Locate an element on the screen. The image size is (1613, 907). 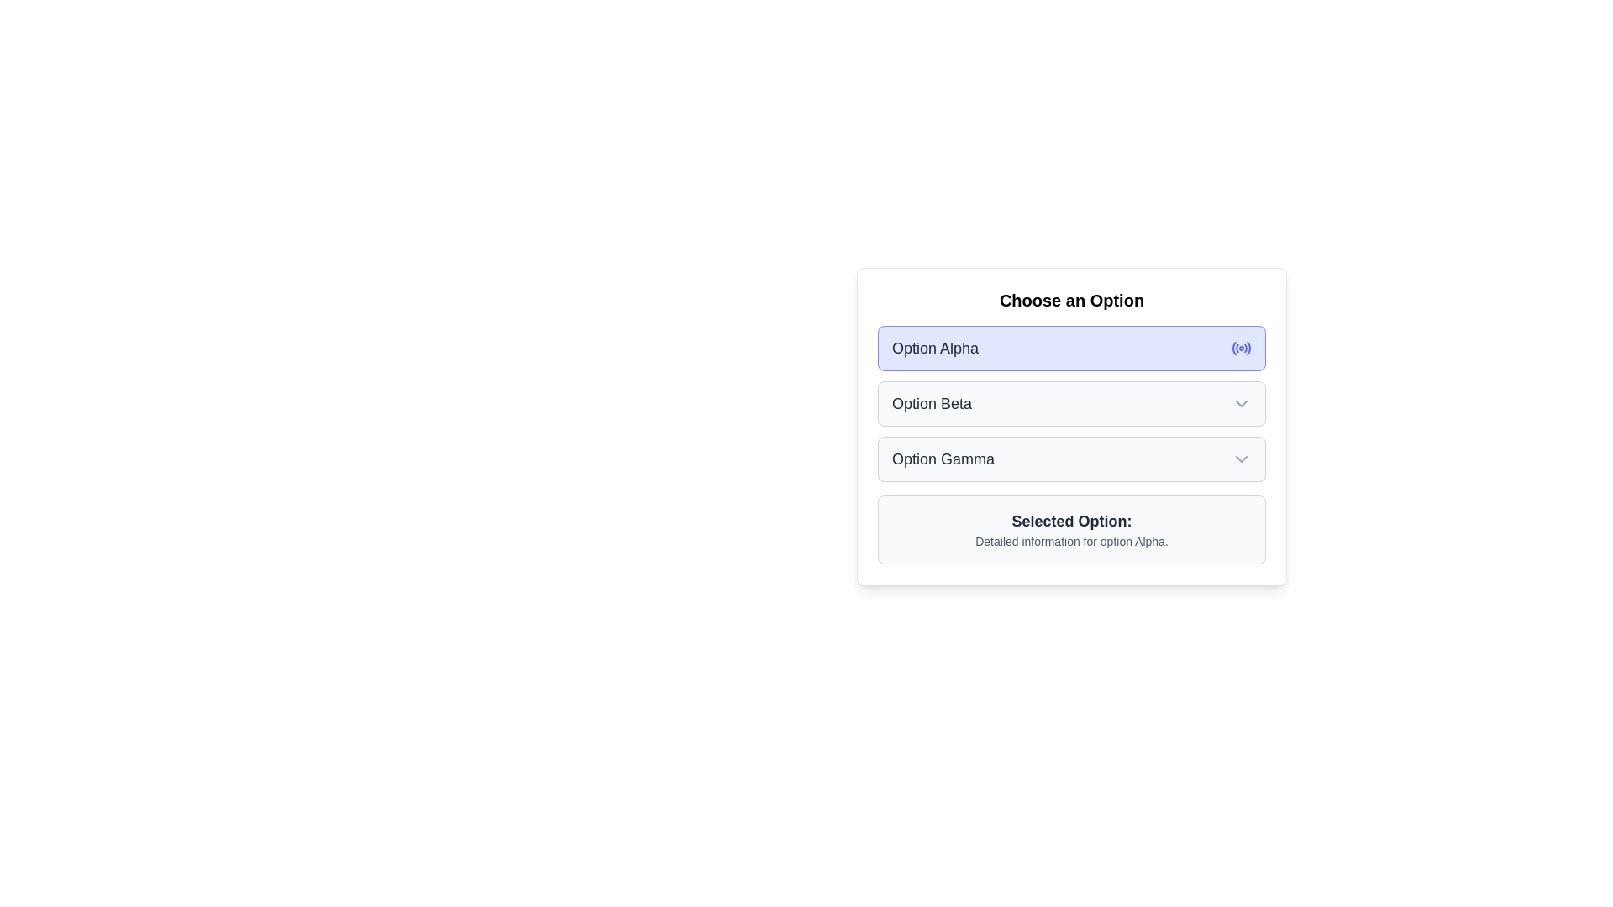
the text label displaying 'Option Alpha', which is styled in dark gray on a light indigo background and is positioned at the top of the options list is located at coordinates (934, 348).